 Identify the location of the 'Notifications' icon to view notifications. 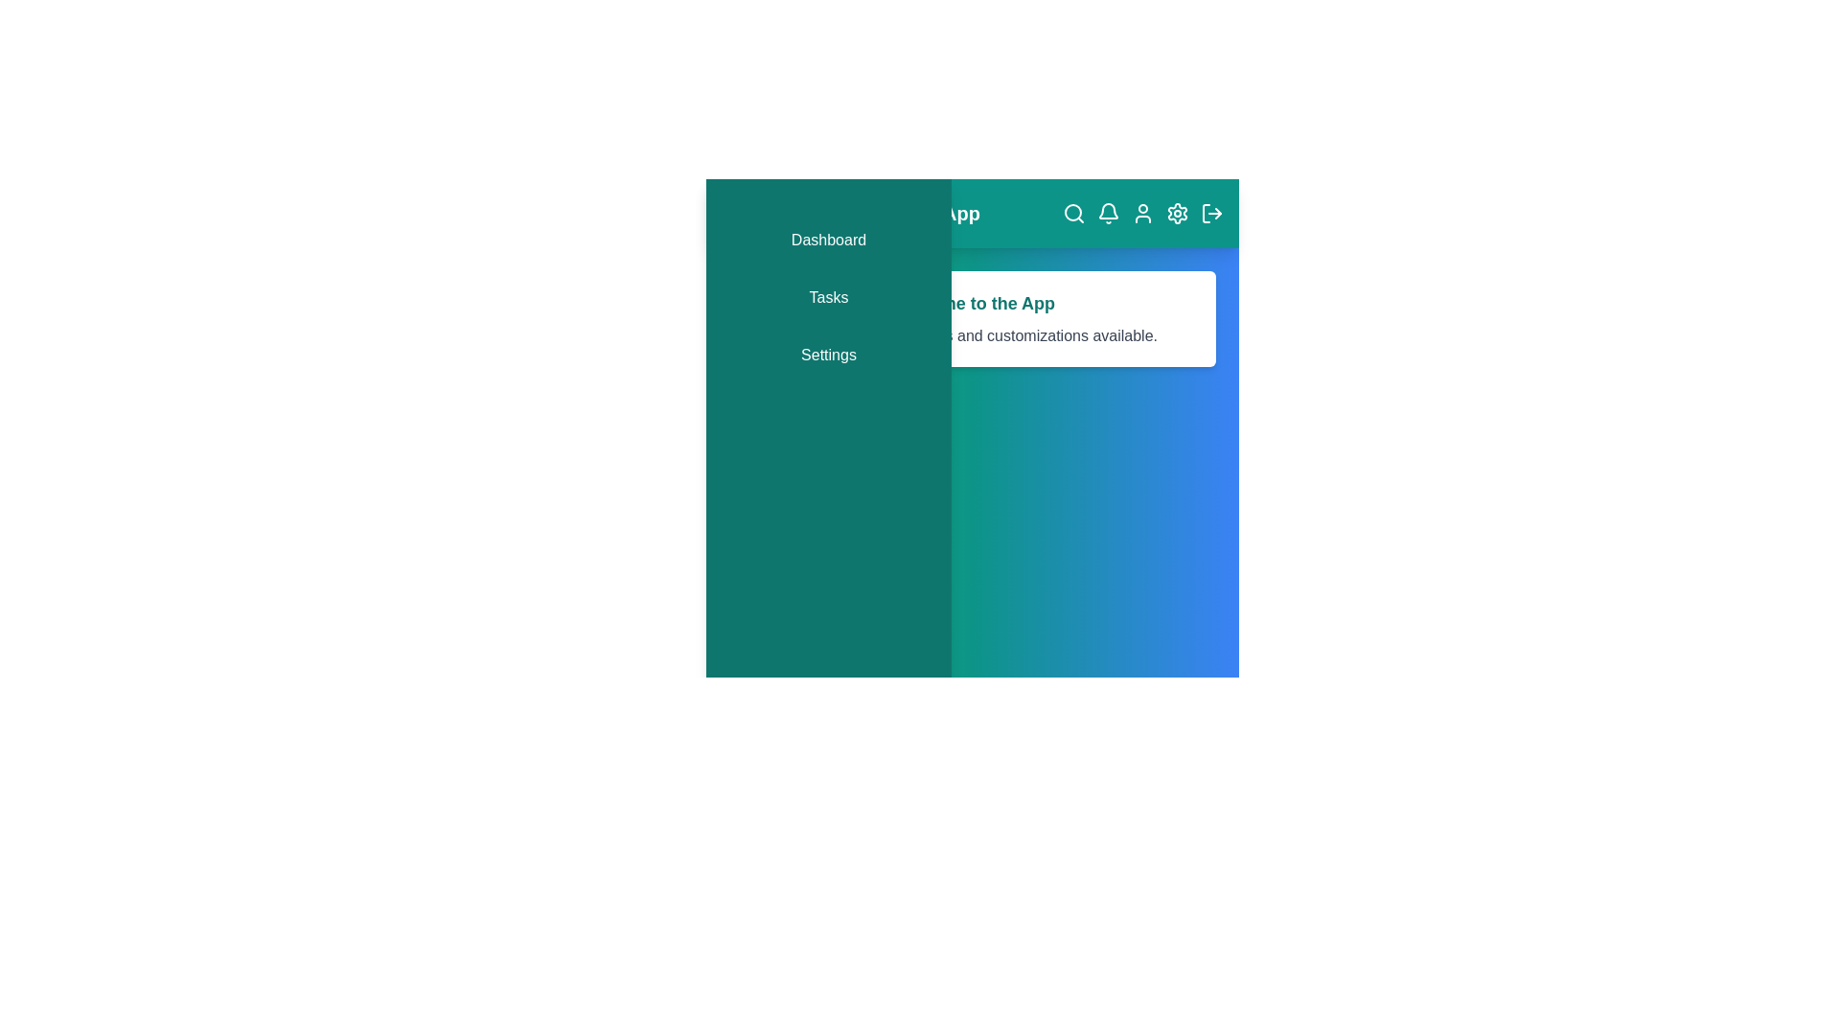
(1108, 214).